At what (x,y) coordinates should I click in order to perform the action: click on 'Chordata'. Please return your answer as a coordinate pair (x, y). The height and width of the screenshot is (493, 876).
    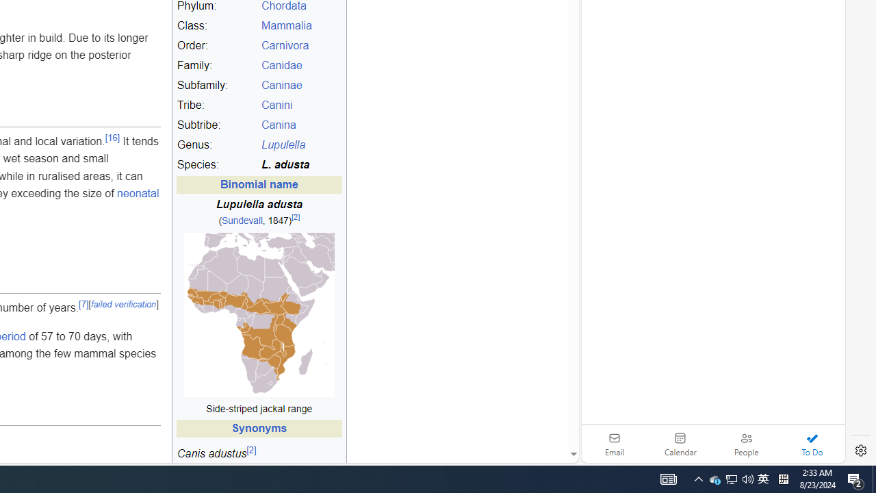
    Looking at the image, I should click on (283, 6).